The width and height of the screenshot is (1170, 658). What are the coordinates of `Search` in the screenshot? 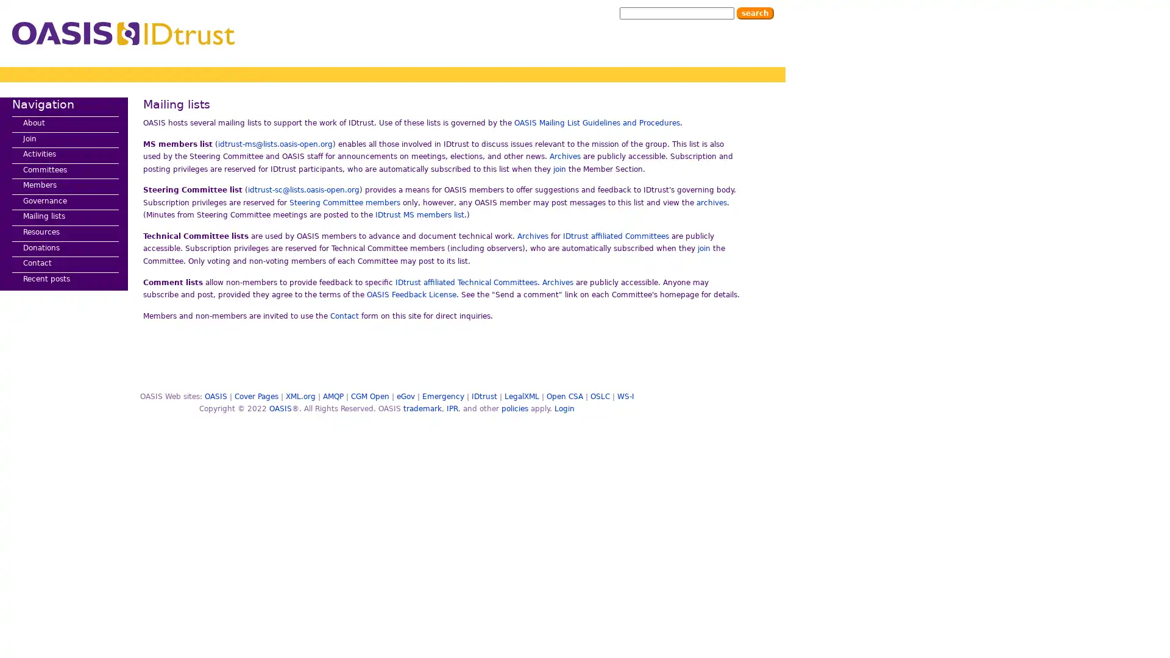 It's located at (754, 13).